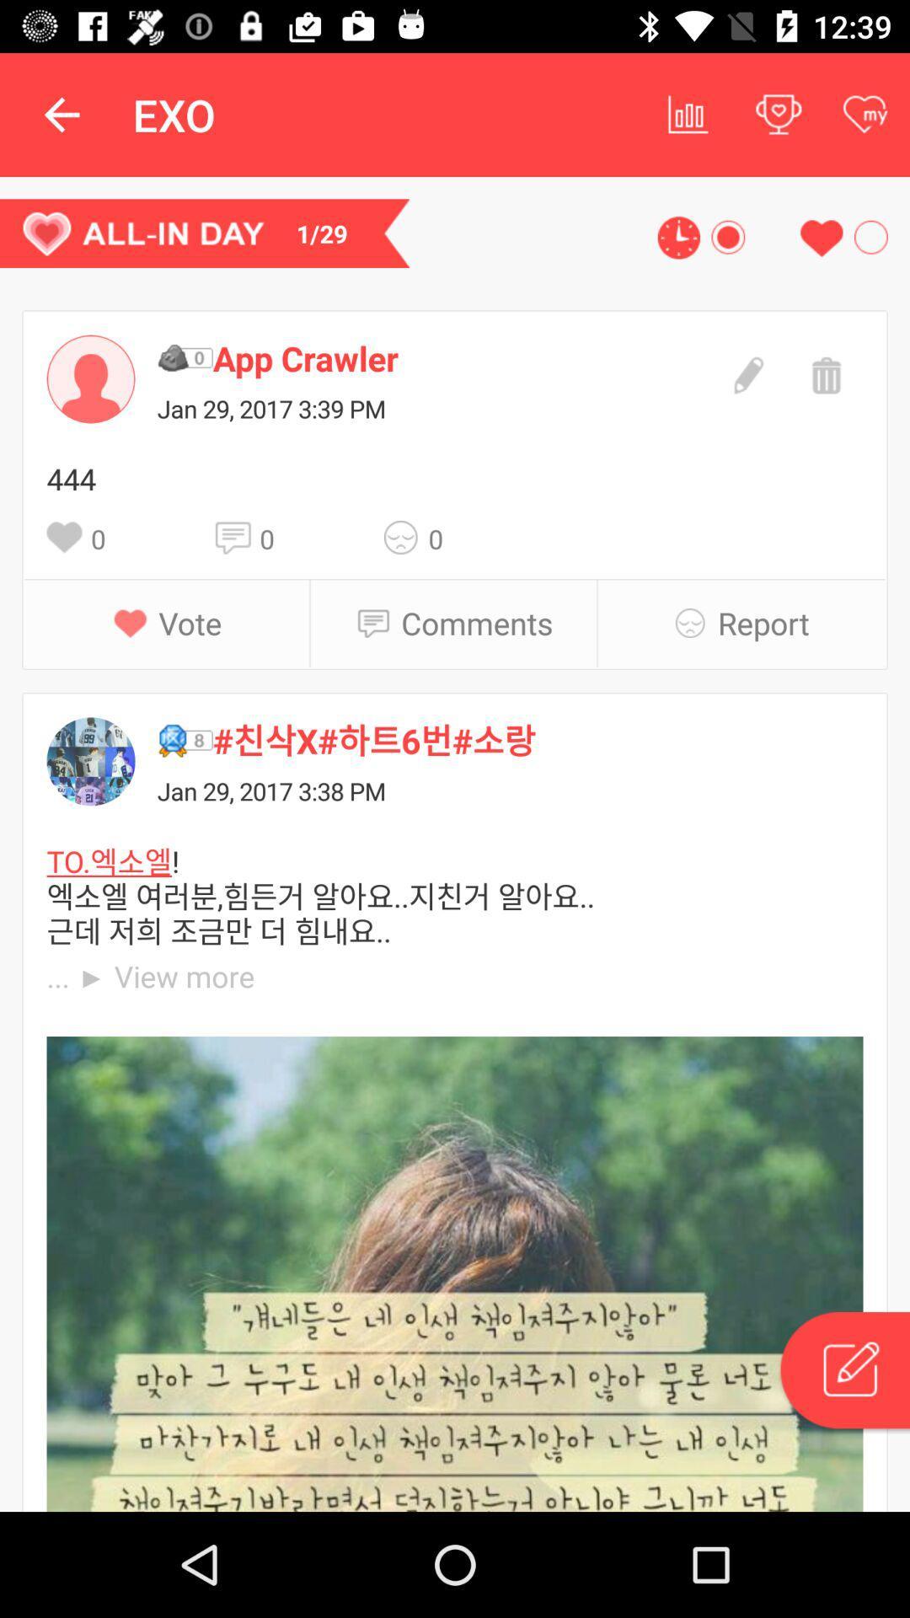 The height and width of the screenshot is (1618, 910). Describe the element at coordinates (843, 1373) in the screenshot. I see `tap to edit or delete` at that location.